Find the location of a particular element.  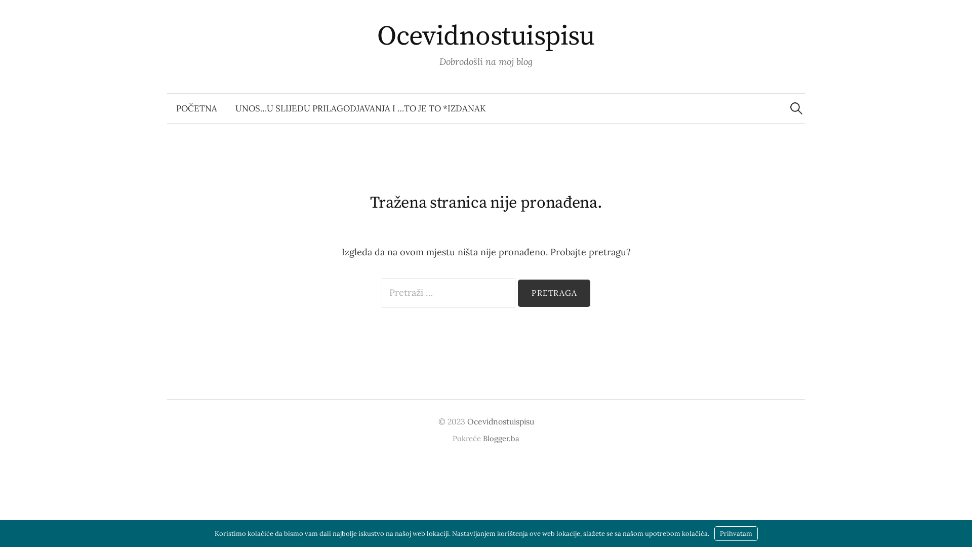

'Prihvatam' is located at coordinates (736, 533).